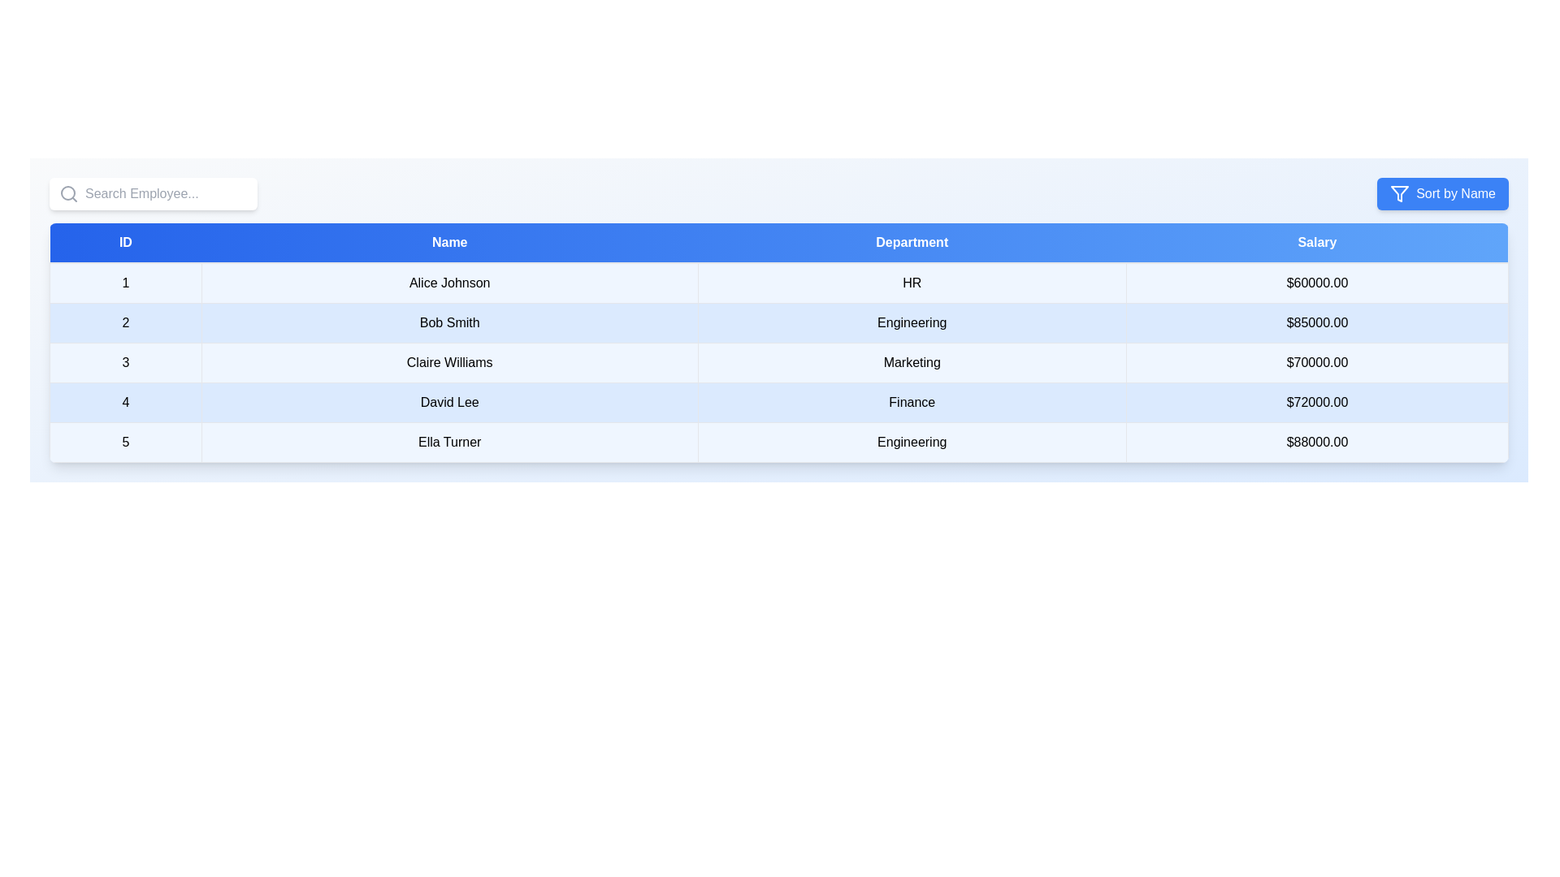  I want to click on the text label that reads 'Department', which is styled with a blue background and white text, located in the third column header of the table, so click(912, 243).